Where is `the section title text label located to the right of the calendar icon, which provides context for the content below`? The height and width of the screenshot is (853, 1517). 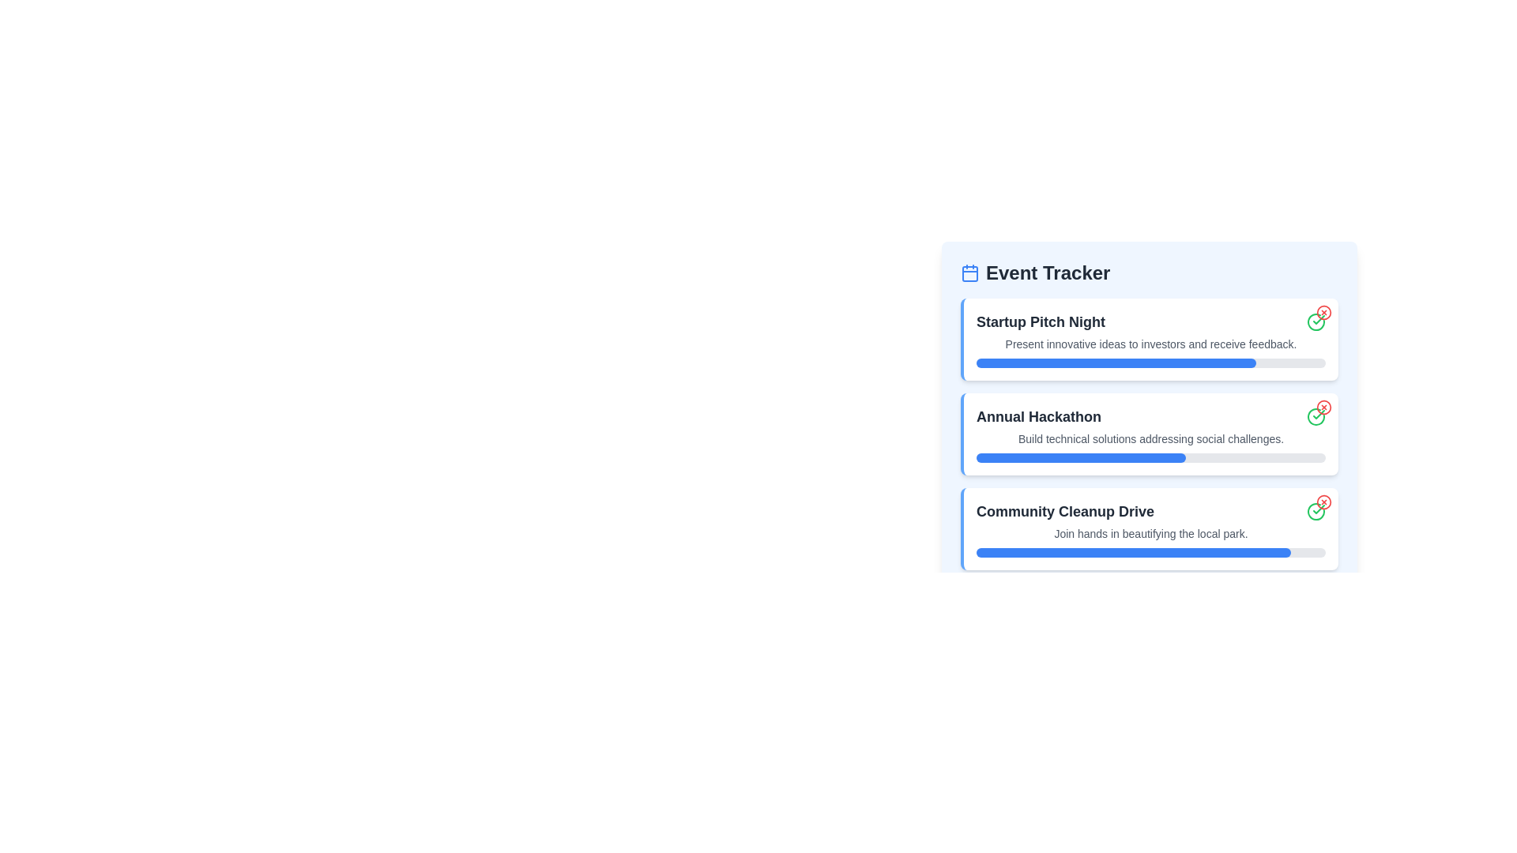 the section title text label located to the right of the calendar icon, which provides context for the content below is located at coordinates (1048, 272).